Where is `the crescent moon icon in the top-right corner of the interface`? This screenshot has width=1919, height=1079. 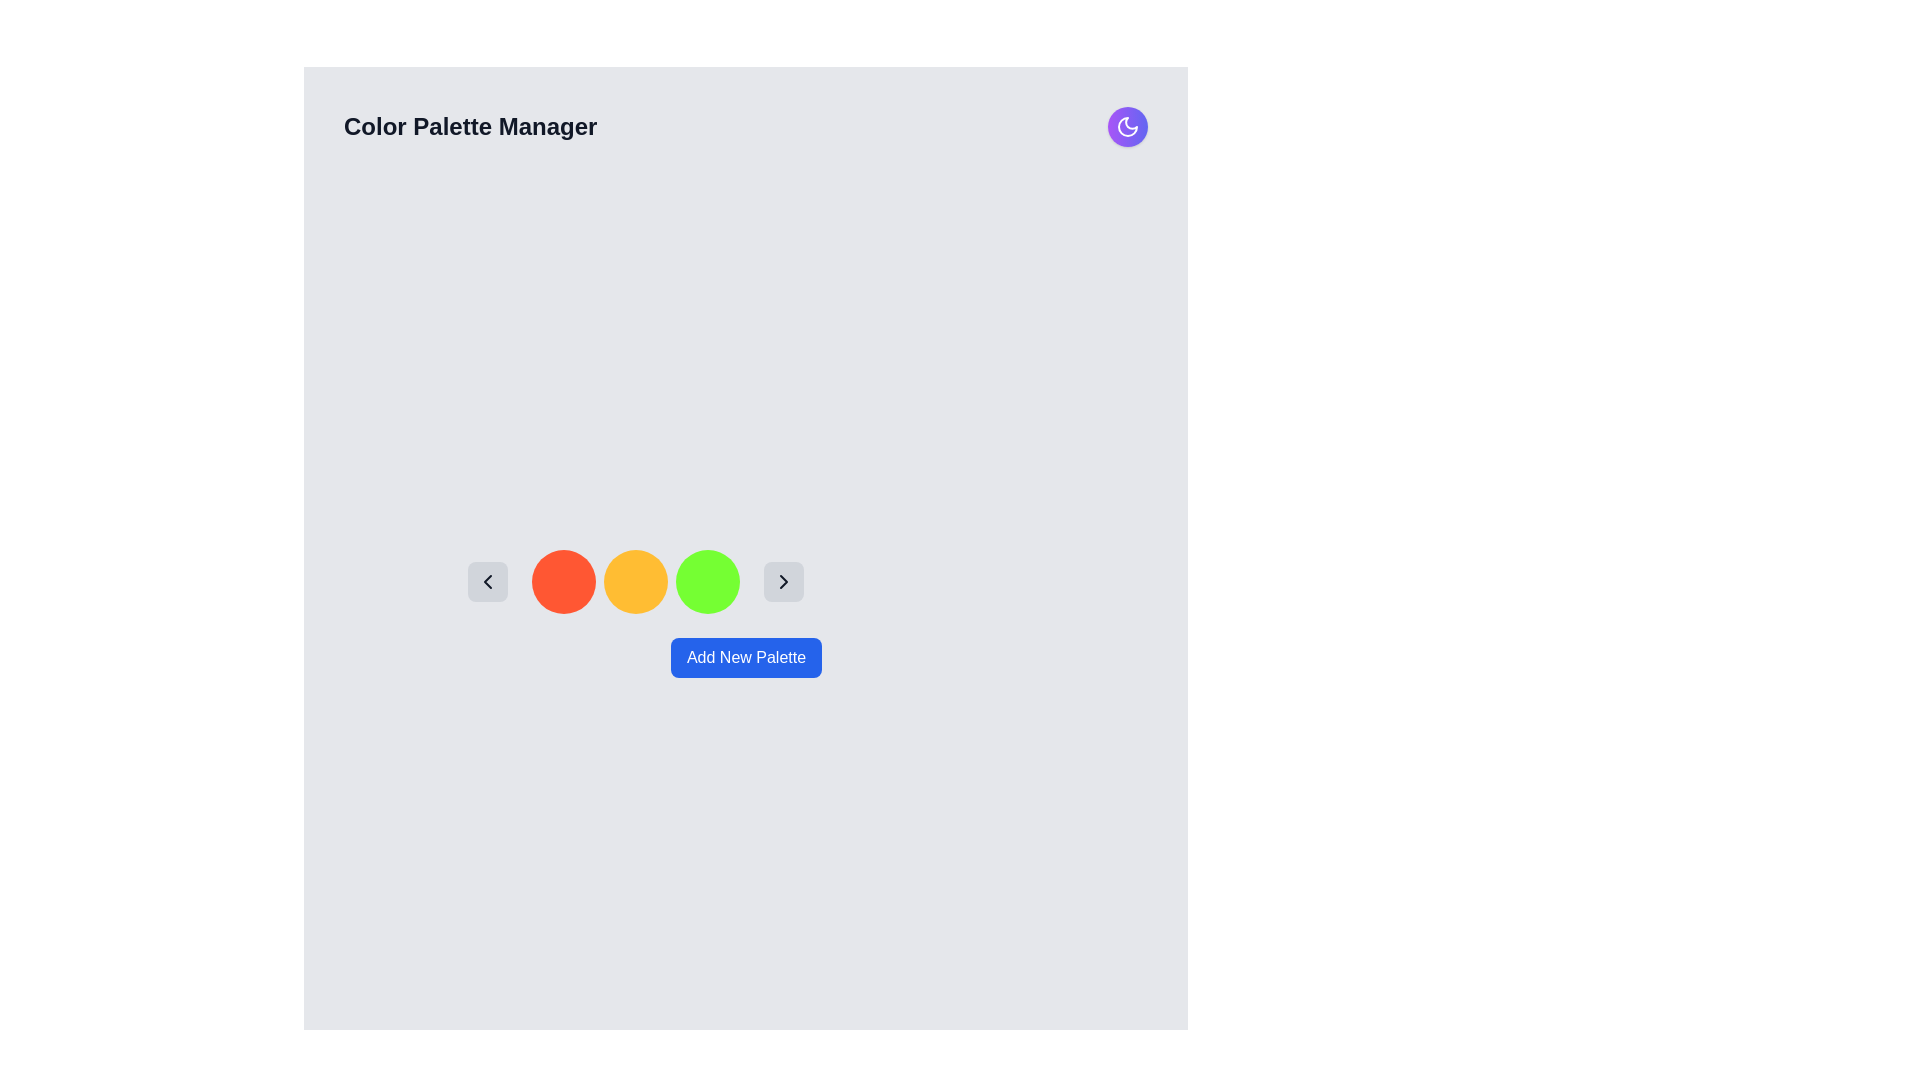 the crescent moon icon in the top-right corner of the interface is located at coordinates (1127, 127).